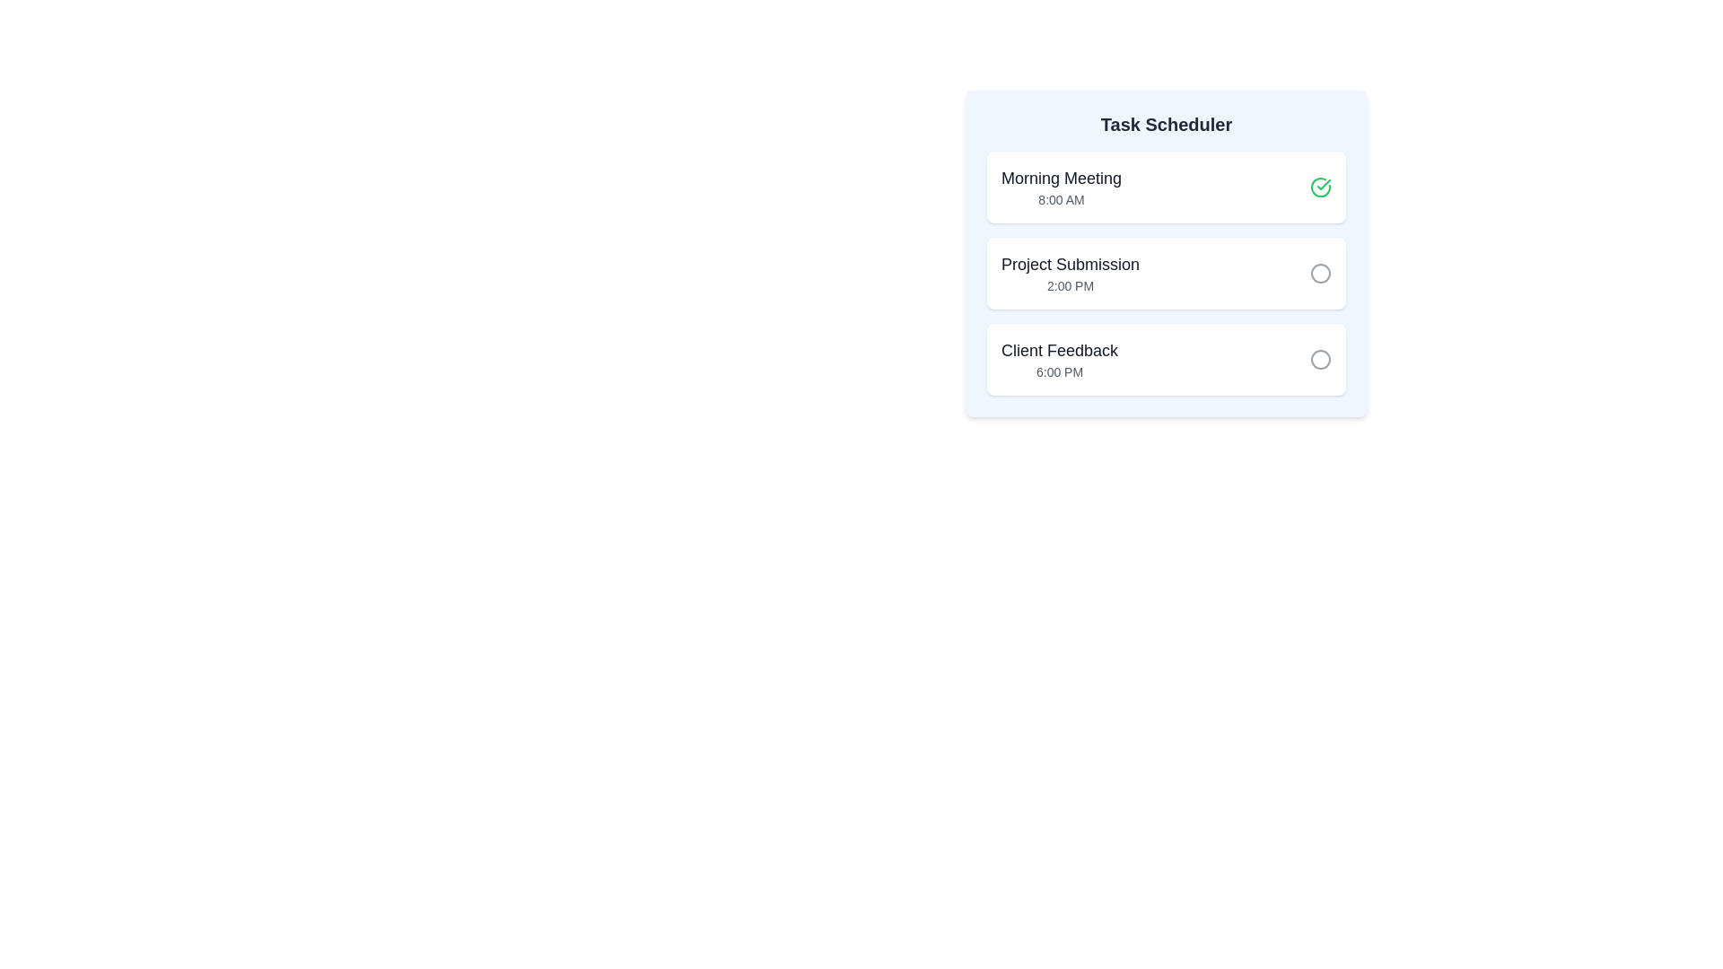 The height and width of the screenshot is (969, 1723). What do you see at coordinates (1167, 273) in the screenshot?
I see `the task item Project Submission` at bounding box center [1167, 273].